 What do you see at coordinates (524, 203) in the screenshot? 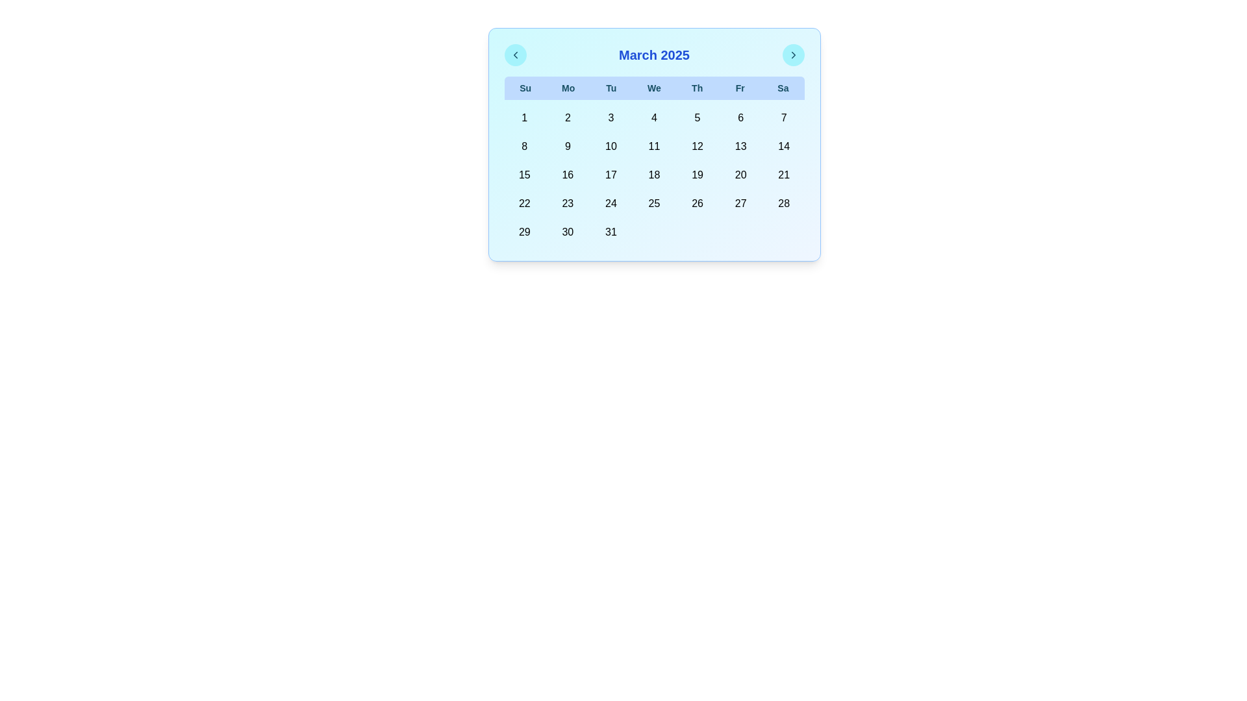
I see `the button representing the 22nd day of March 2025` at bounding box center [524, 203].